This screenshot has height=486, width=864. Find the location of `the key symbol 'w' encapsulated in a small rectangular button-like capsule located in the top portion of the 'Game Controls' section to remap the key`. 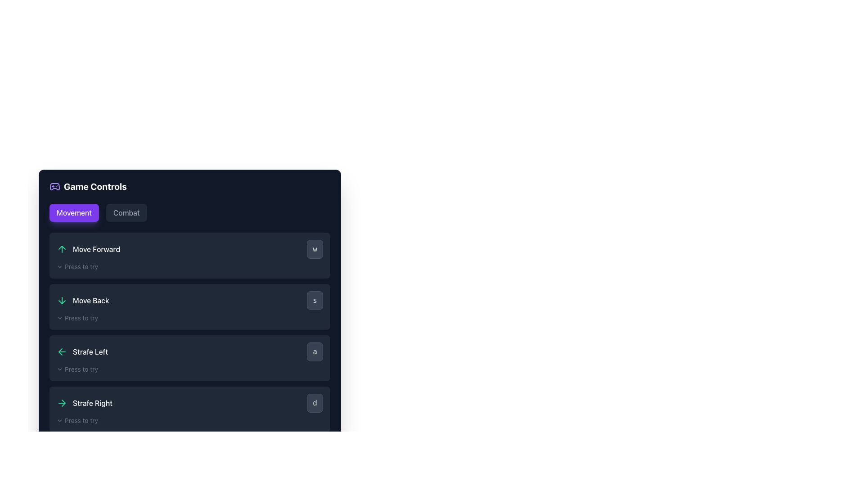

the key symbol 'w' encapsulated in a small rectangular button-like capsule located in the top portion of the 'Game Controls' section to remap the key is located at coordinates (189, 249).